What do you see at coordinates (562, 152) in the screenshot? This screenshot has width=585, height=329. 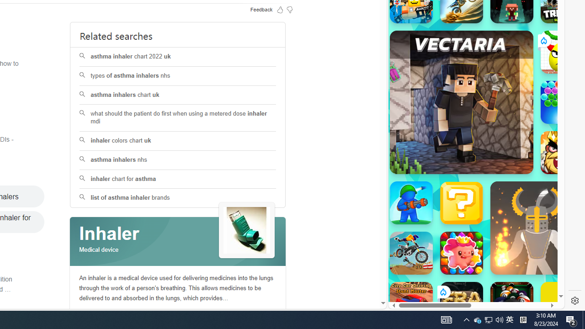 I see `'Like a King Like a King'` at bounding box center [562, 152].